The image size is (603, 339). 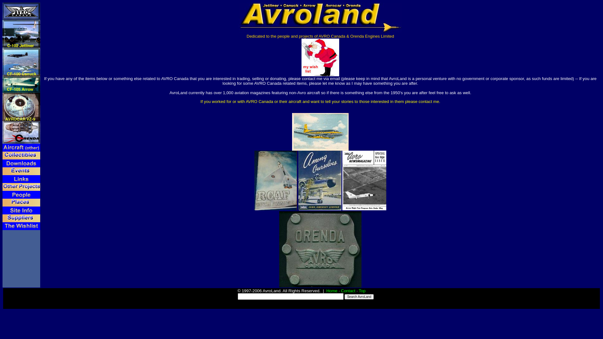 What do you see at coordinates (359, 297) in the screenshot?
I see `'Search AvroLand'` at bounding box center [359, 297].